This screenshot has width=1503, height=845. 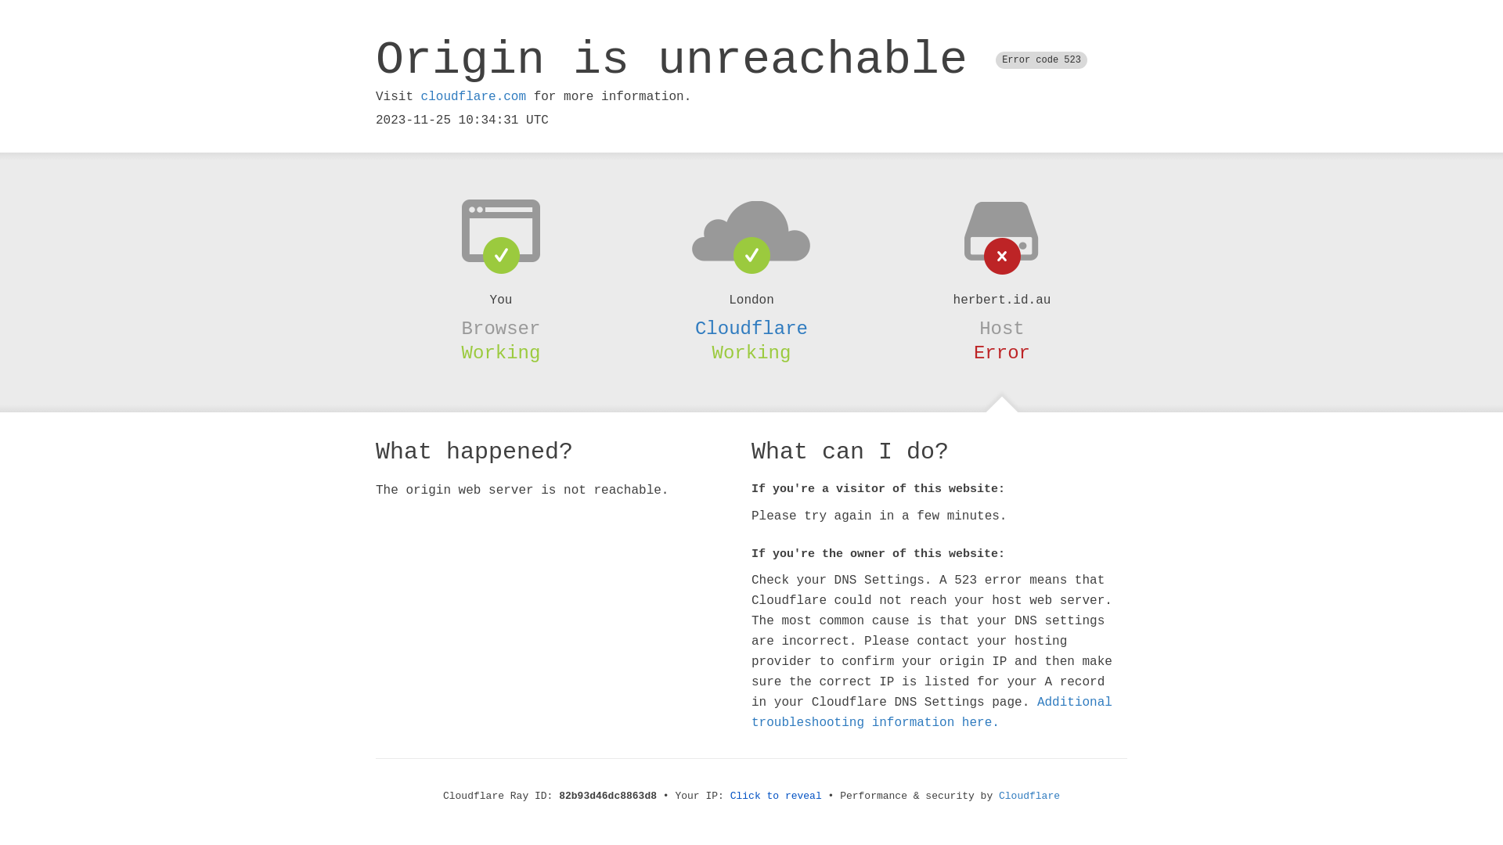 What do you see at coordinates (776, 796) in the screenshot?
I see `'Click to reveal'` at bounding box center [776, 796].